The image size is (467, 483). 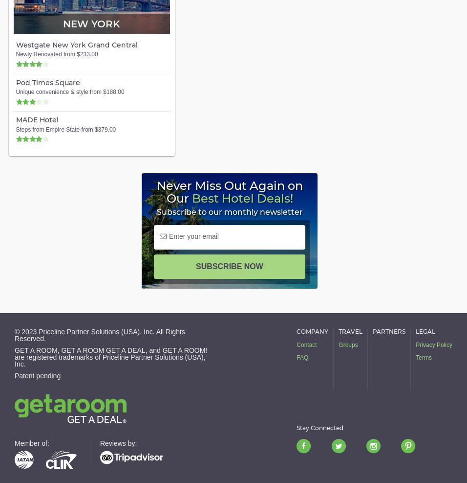 I want to click on 'Company', so click(x=296, y=331).